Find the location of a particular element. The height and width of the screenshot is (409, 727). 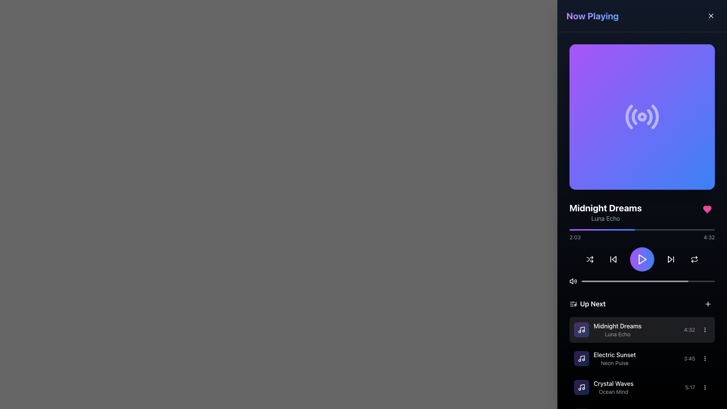

the vertical ellipsis icon adjacent to the 'Electric Sunset' song entry in the 'Up Next' list is located at coordinates (705, 358).